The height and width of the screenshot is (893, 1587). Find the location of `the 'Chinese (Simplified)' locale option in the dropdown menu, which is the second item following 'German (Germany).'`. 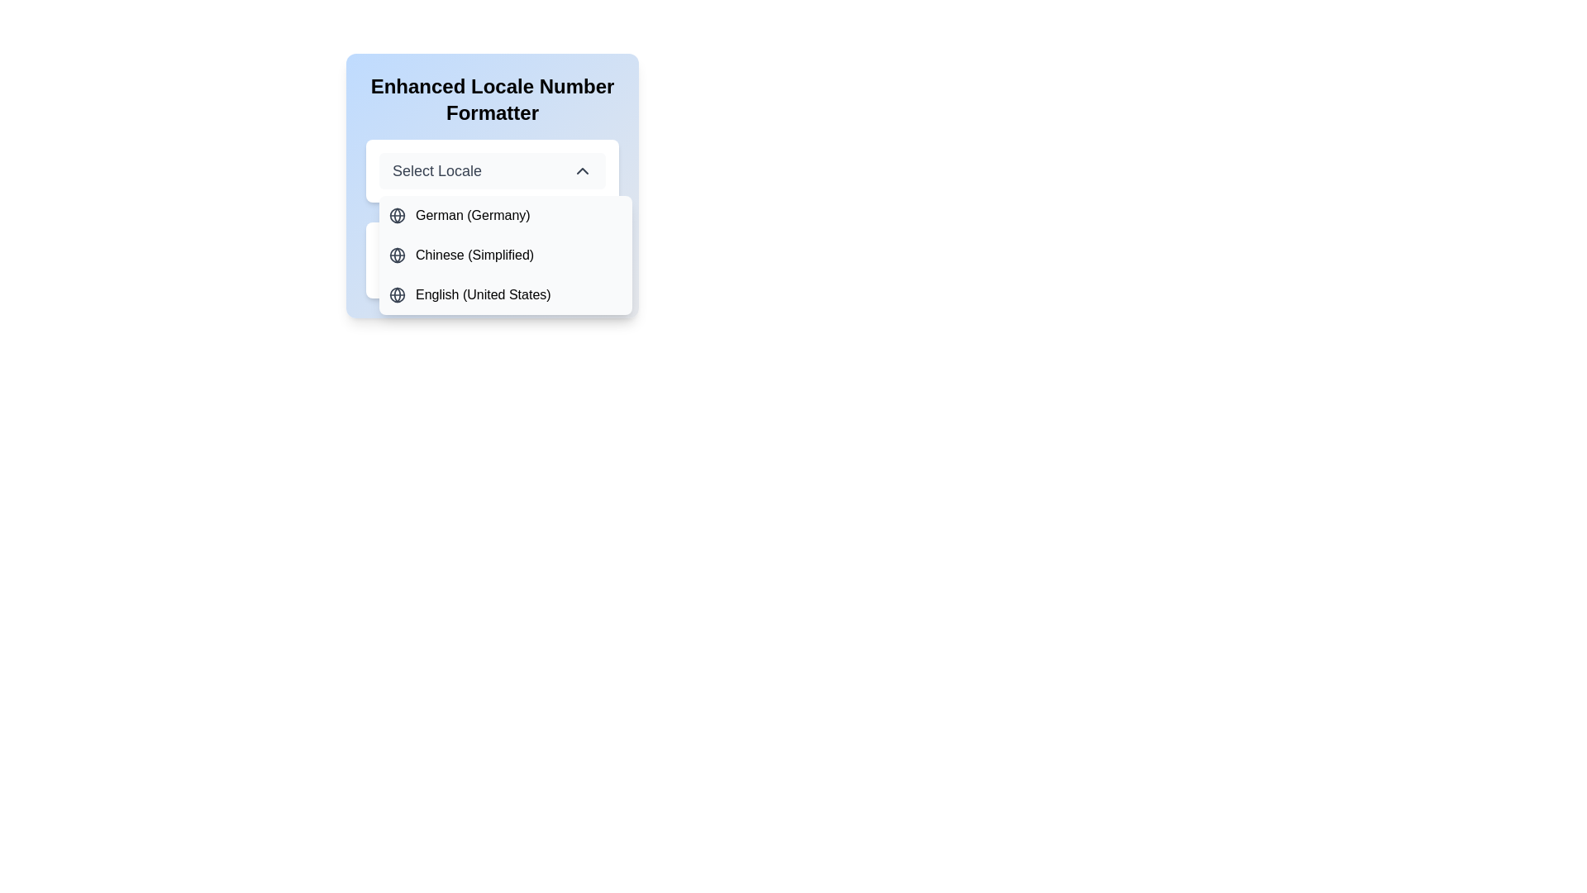

the 'Chinese (Simplified)' locale option in the dropdown menu, which is the second item following 'German (Germany).' is located at coordinates (474, 255).